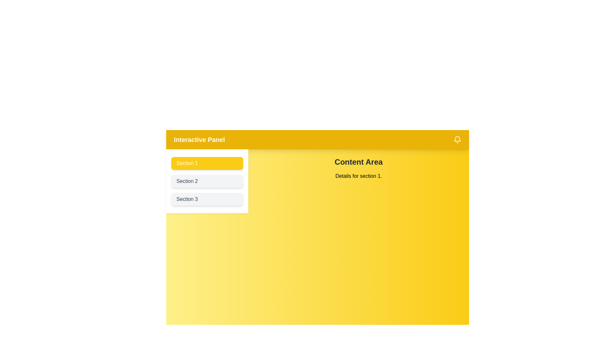  Describe the element at coordinates (207, 163) in the screenshot. I see `the navigation button for 'Section 1' located in the left panel` at that location.